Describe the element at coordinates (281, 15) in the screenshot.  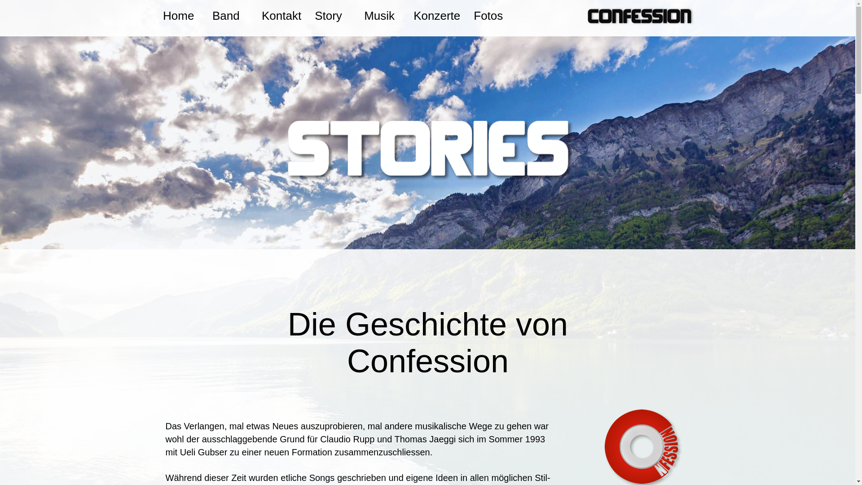
I see `'Kontakt'` at that location.